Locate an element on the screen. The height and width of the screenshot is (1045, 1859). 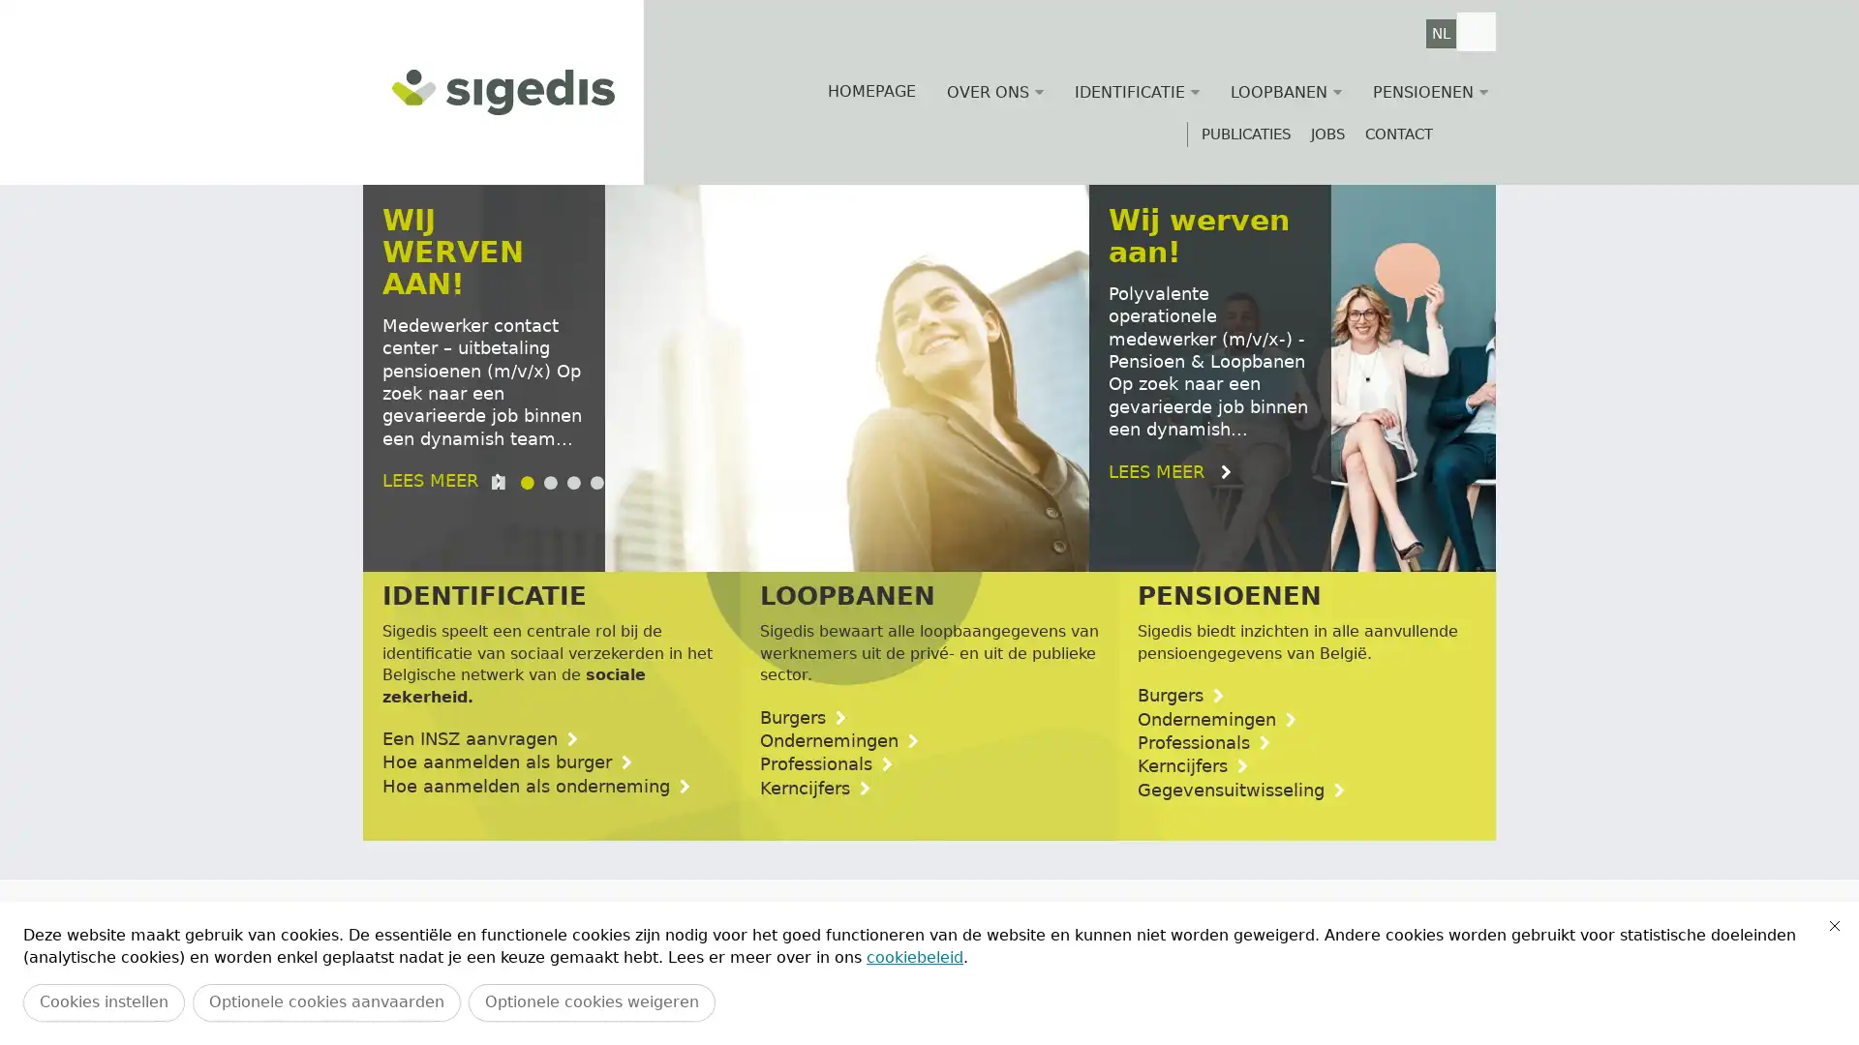
PENSIOENEN is located at coordinates (1430, 92).